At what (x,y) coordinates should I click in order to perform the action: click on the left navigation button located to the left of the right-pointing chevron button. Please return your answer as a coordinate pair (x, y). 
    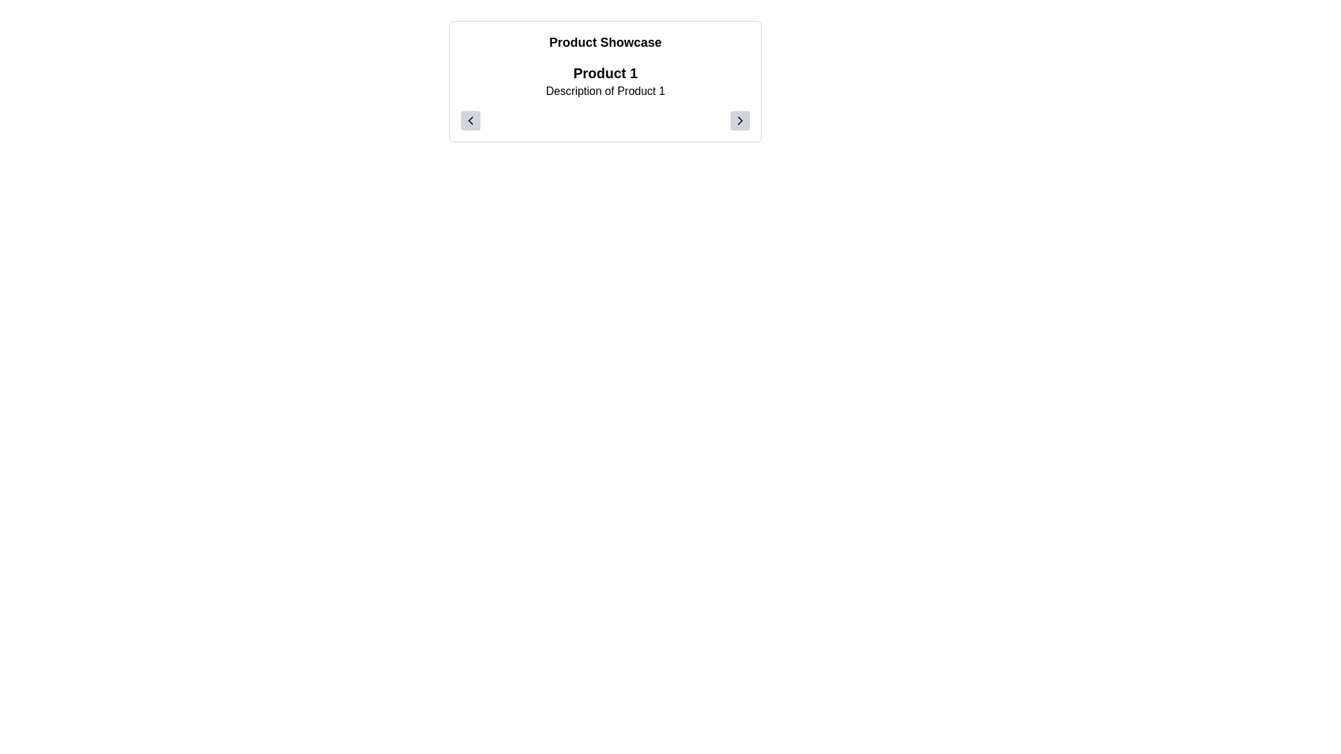
    Looking at the image, I should click on (470, 120).